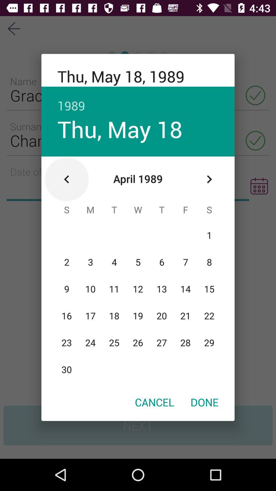 The width and height of the screenshot is (276, 491). What do you see at coordinates (154, 402) in the screenshot?
I see `the item next to done icon` at bounding box center [154, 402].